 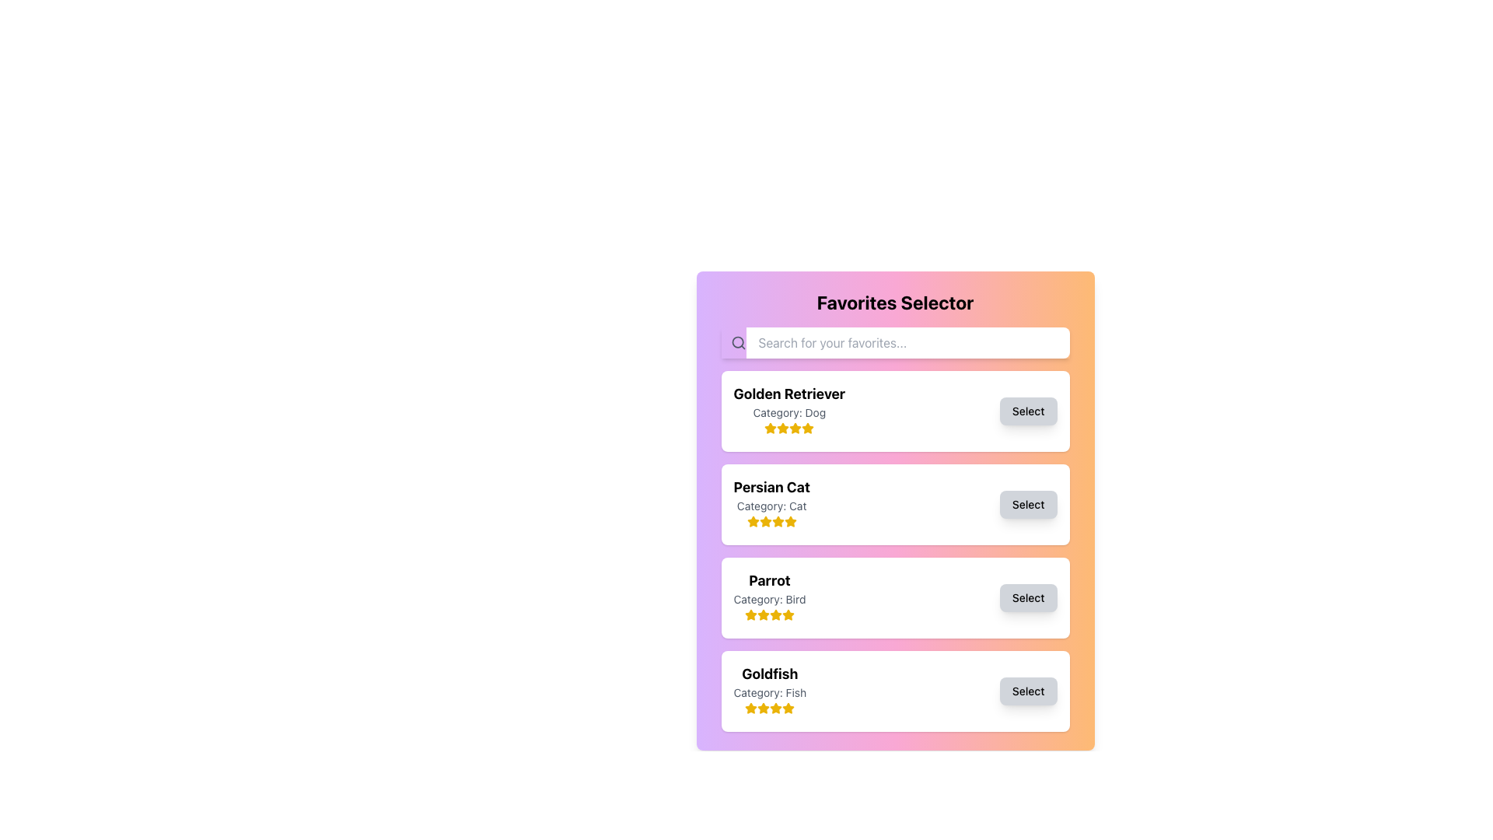 What do you see at coordinates (777, 521) in the screenshot?
I see `the third yellow star icon representing the rating for 'Persian Cat'` at bounding box center [777, 521].